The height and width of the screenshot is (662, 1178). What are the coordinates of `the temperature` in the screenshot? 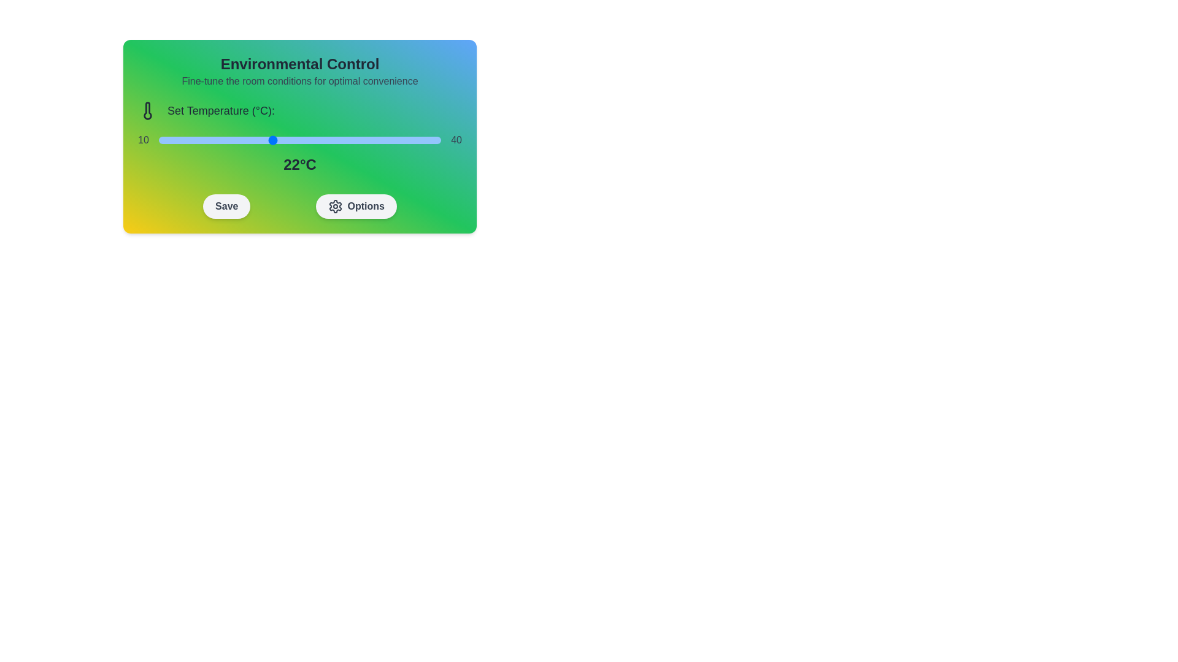 It's located at (422, 139).